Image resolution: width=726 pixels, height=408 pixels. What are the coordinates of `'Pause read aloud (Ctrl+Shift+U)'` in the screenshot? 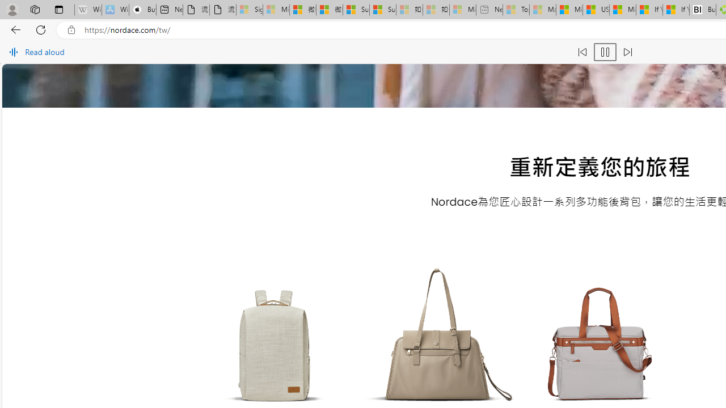 It's located at (604, 52).